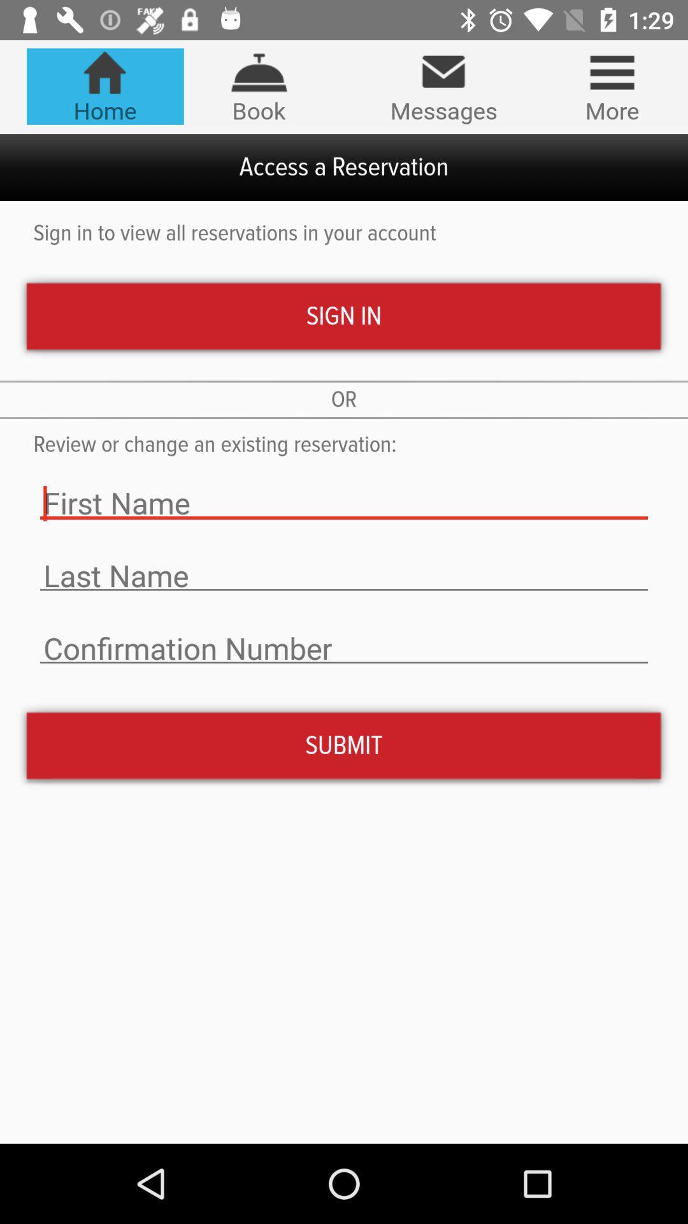  I want to click on the home icon, so click(104, 85).